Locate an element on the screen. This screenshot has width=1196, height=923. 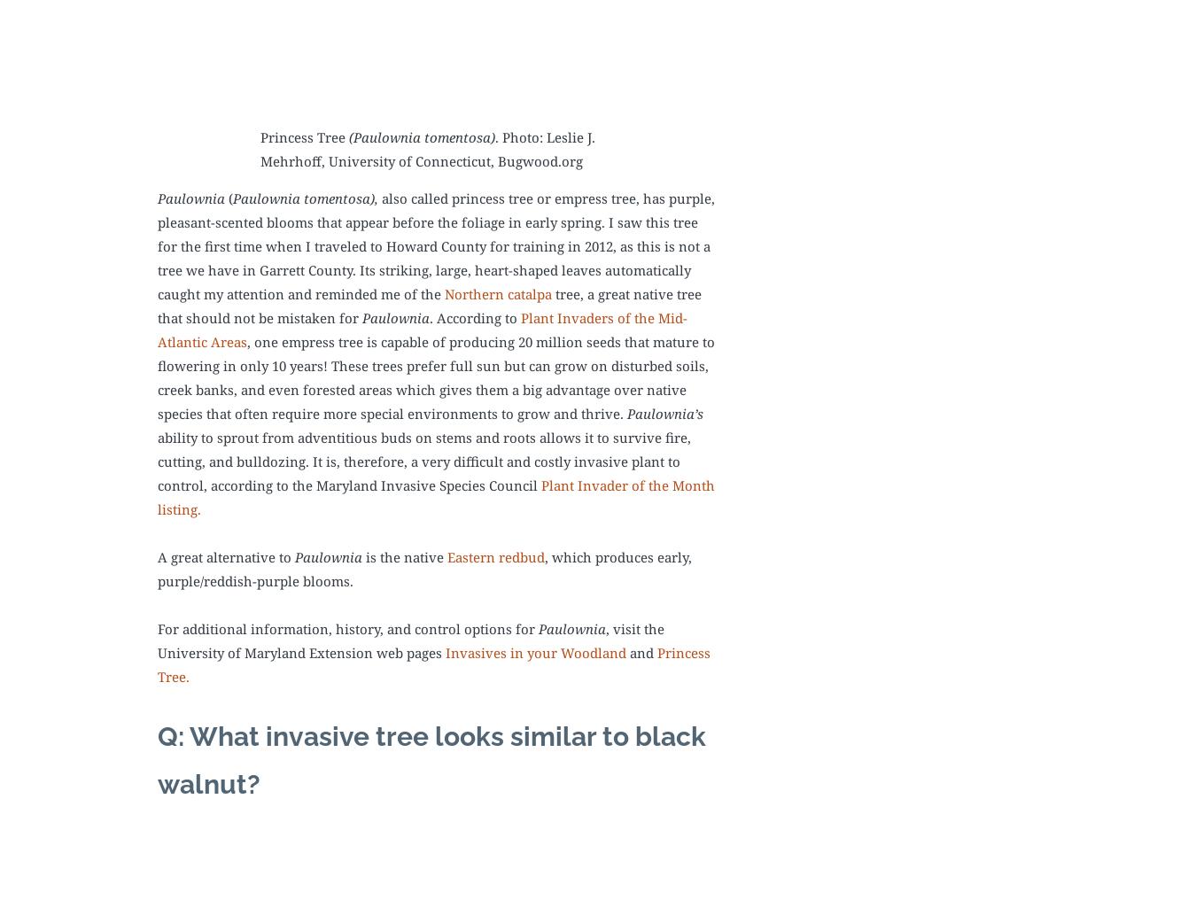
'Plant Invaders of the Mid-Atlantic Areas' is located at coordinates (421, 329).